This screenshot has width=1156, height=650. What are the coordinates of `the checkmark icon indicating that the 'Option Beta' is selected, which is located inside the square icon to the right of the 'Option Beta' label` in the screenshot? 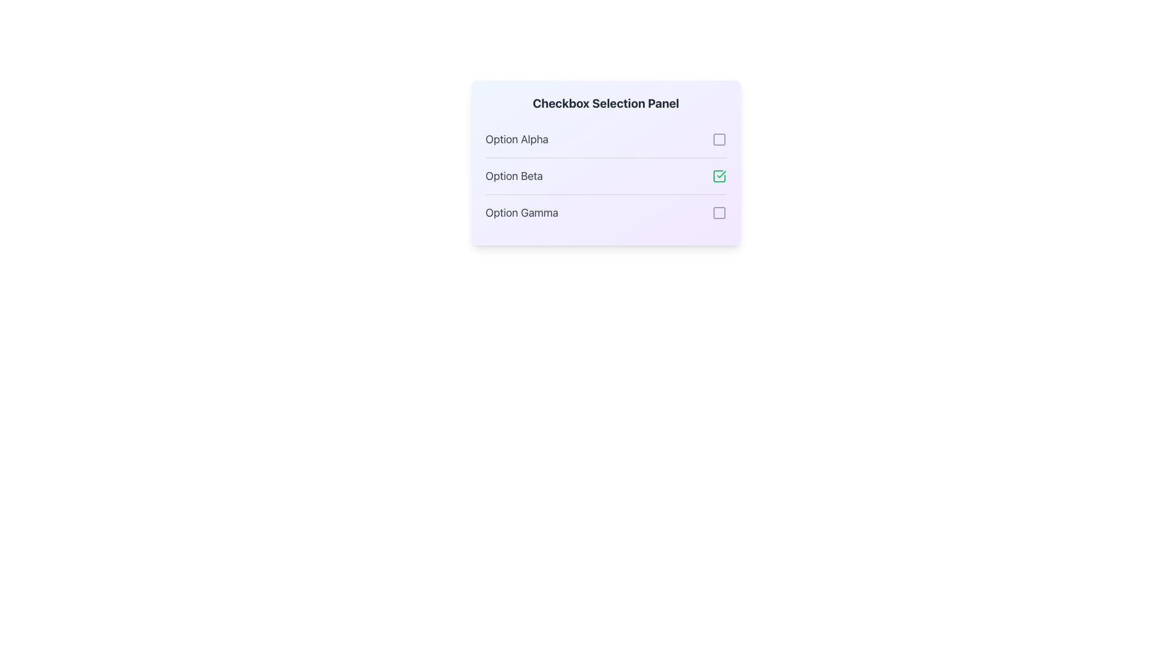 It's located at (721, 174).